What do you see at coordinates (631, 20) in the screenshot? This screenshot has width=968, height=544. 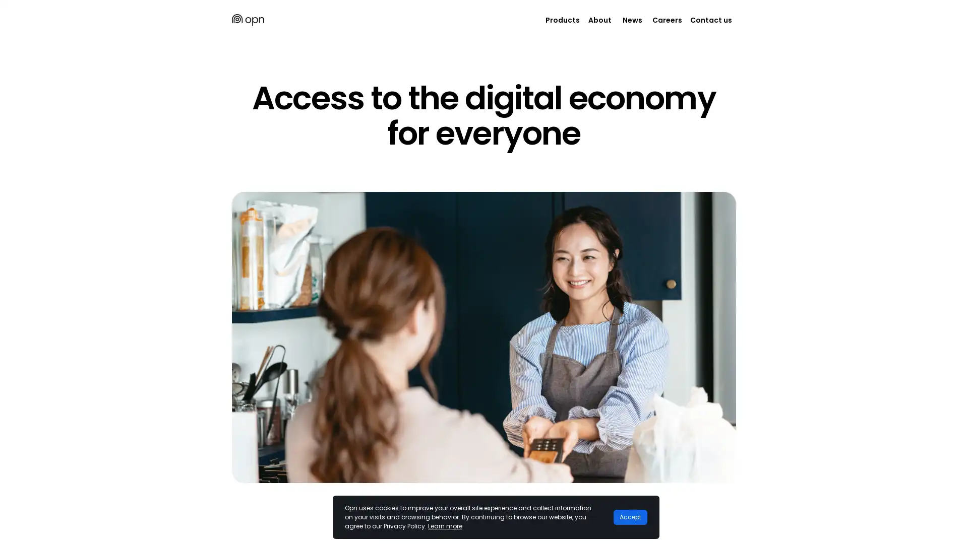 I see `News` at bounding box center [631, 20].